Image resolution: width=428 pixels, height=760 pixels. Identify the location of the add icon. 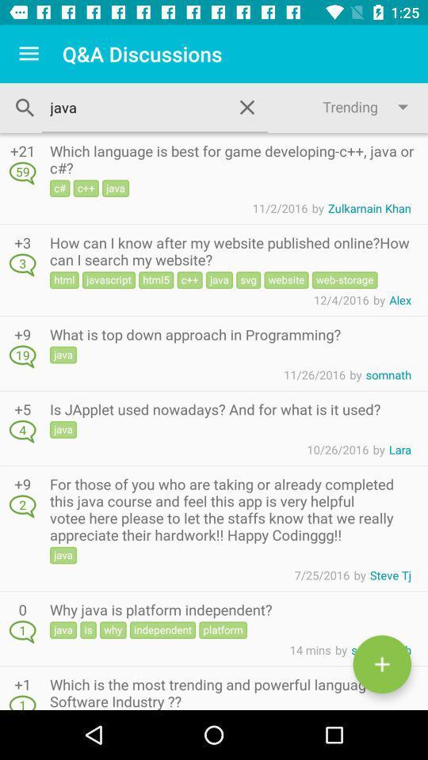
(381, 664).